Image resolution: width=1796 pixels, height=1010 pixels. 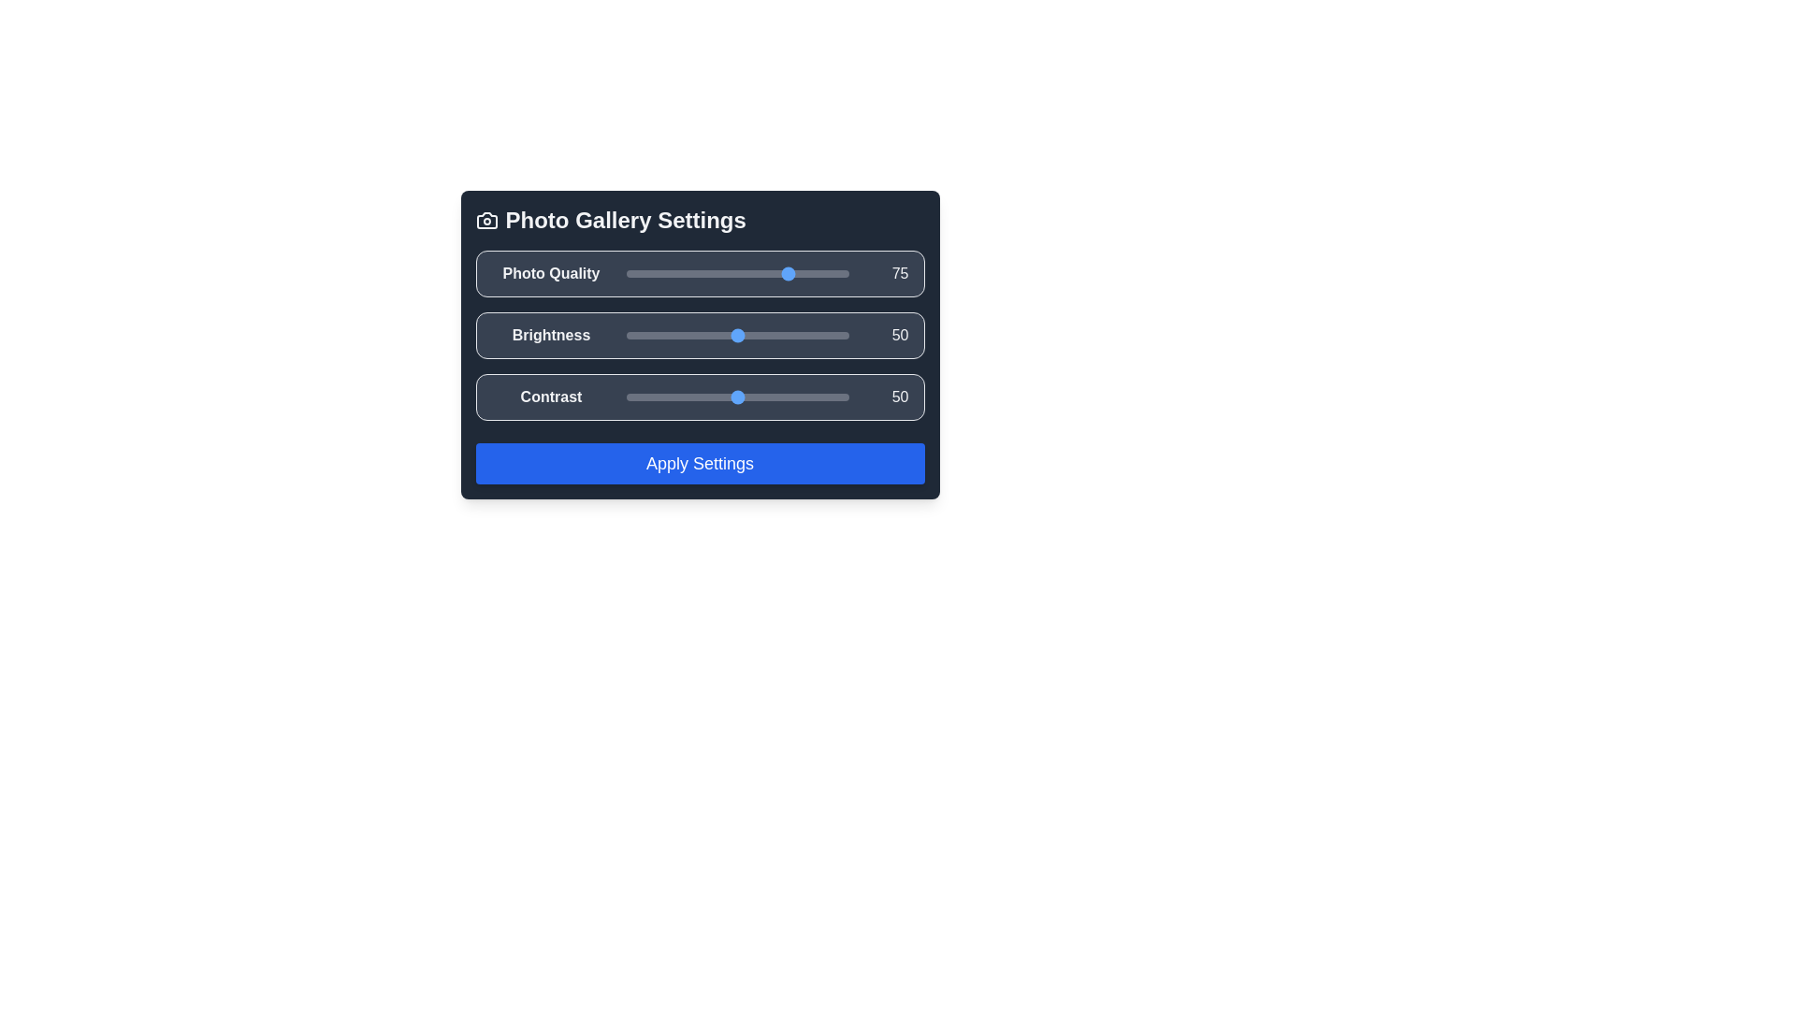 What do you see at coordinates (655, 396) in the screenshot?
I see `the contrast` at bounding box center [655, 396].